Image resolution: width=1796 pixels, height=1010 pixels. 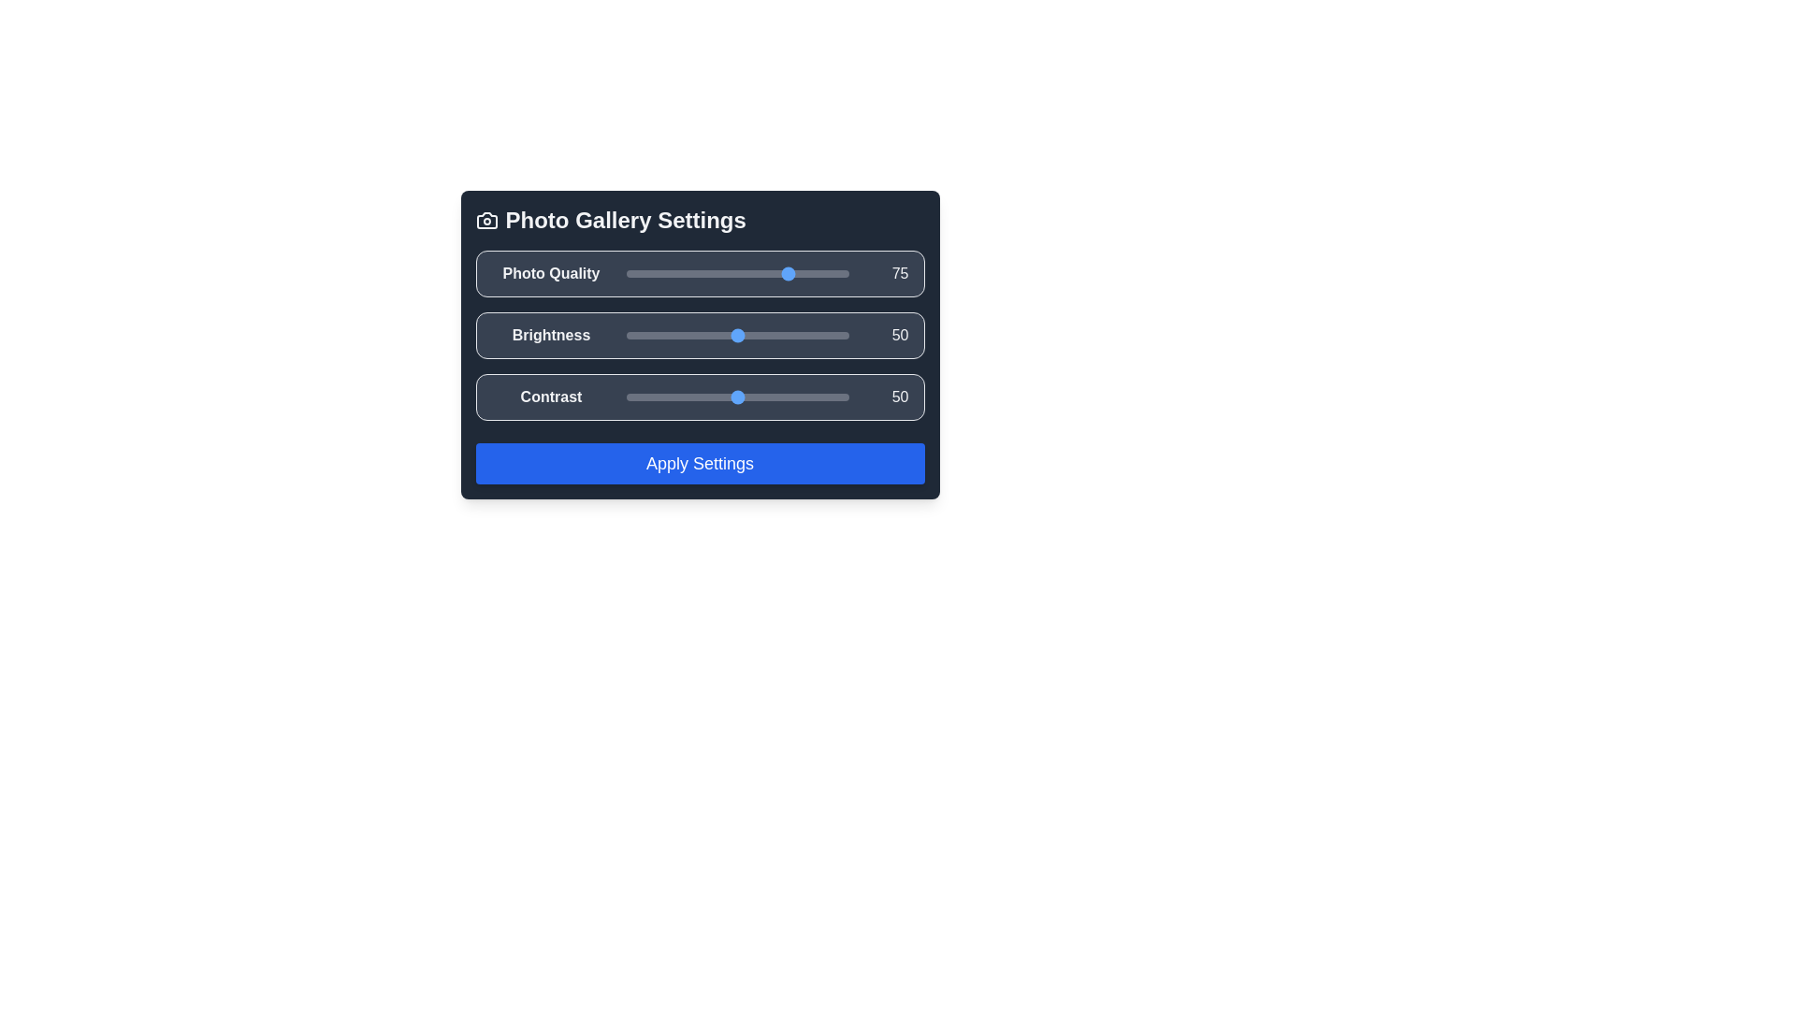 What do you see at coordinates (655, 396) in the screenshot?
I see `the contrast` at bounding box center [655, 396].